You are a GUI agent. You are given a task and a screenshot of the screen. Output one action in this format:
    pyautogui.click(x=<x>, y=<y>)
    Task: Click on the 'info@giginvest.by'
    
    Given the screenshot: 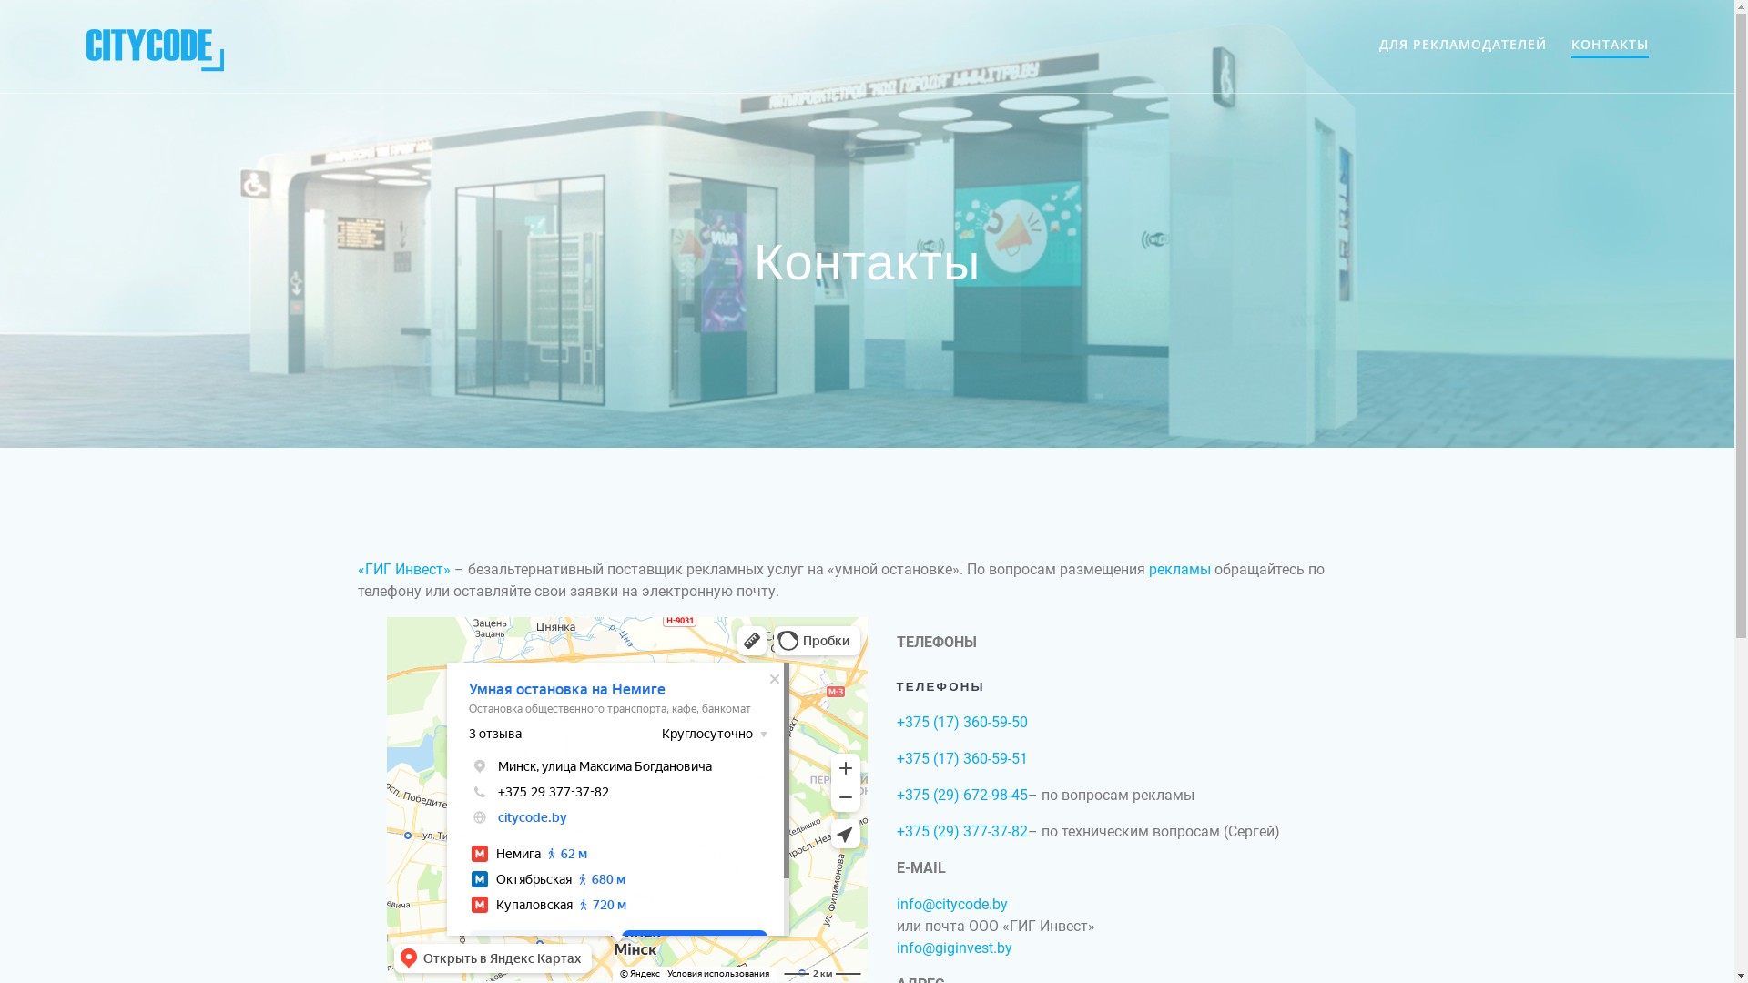 What is the action you would take?
    pyautogui.click(x=952, y=947)
    